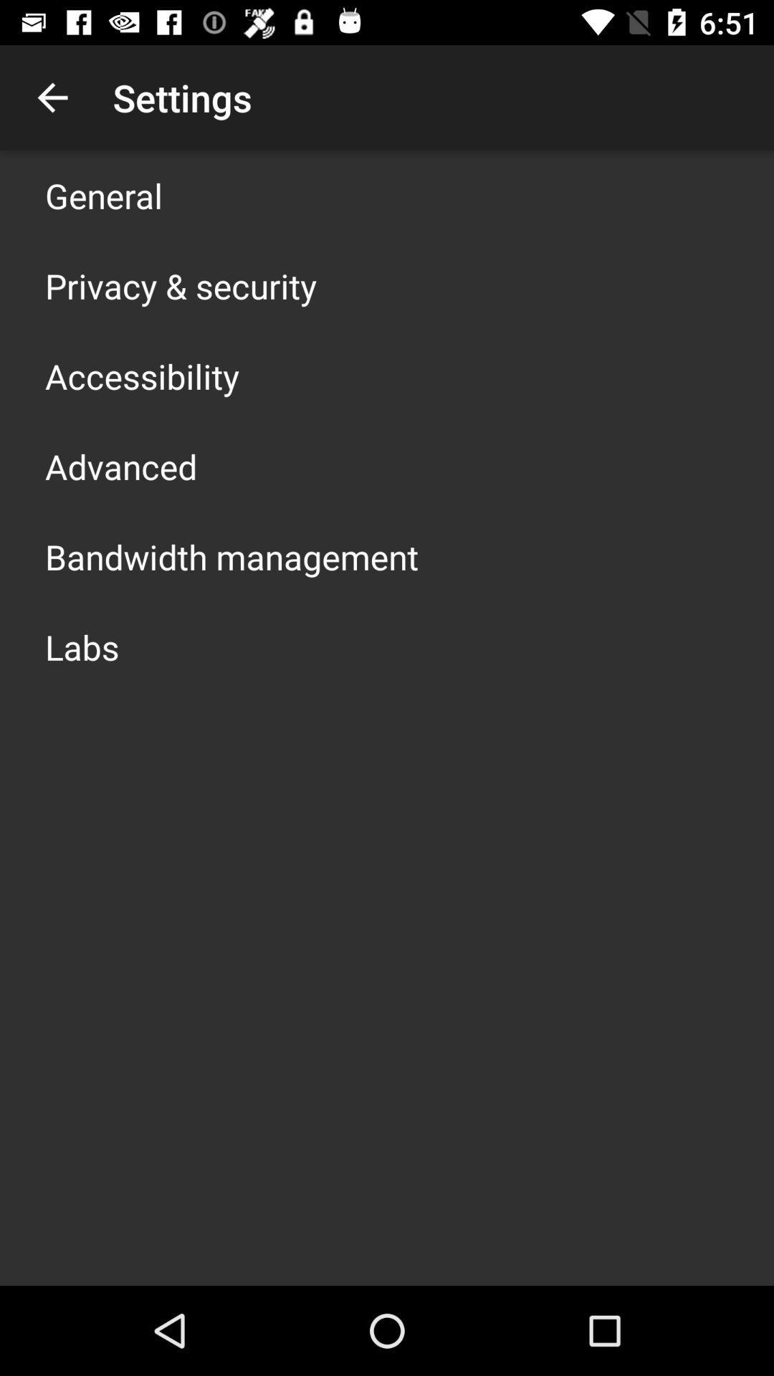 This screenshot has height=1376, width=774. Describe the element at coordinates (231, 556) in the screenshot. I see `the bandwidth management item` at that location.